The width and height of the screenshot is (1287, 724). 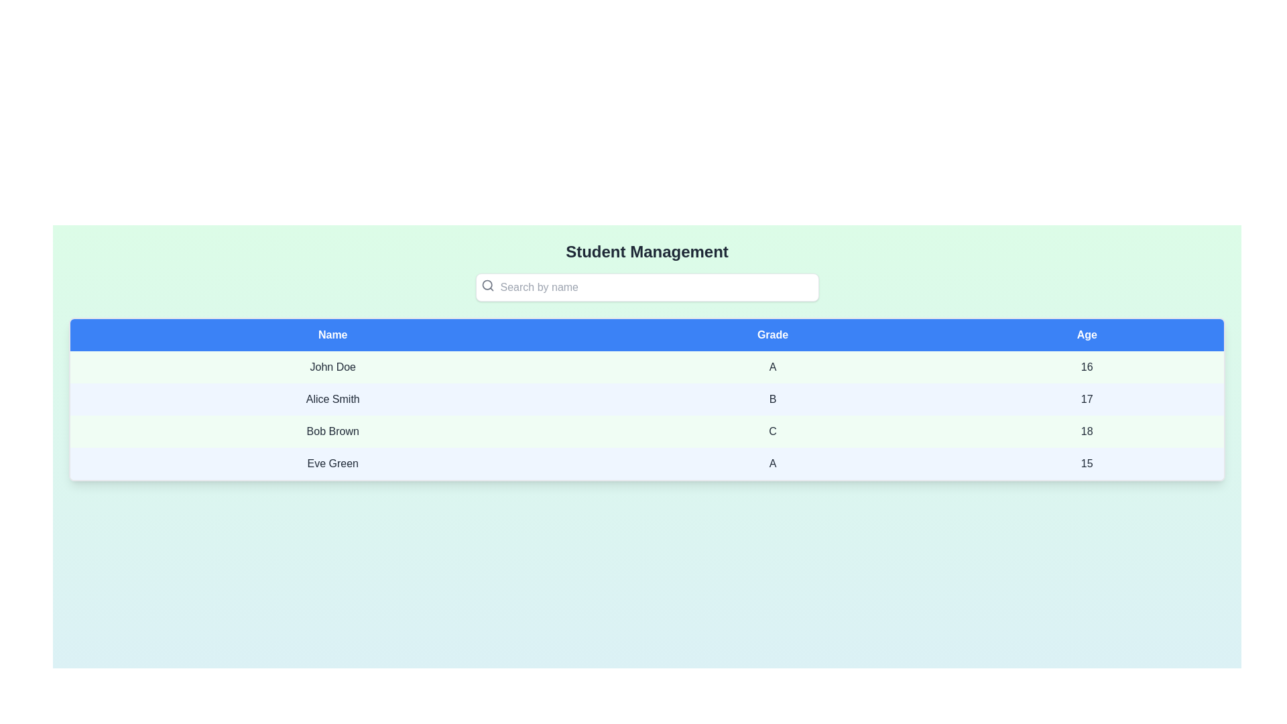 I want to click on the 'Student Management' title text label, which is styled in bold 2xl font size and dark gray color, positioned at the top-center of the page above the search bar, so click(x=647, y=251).